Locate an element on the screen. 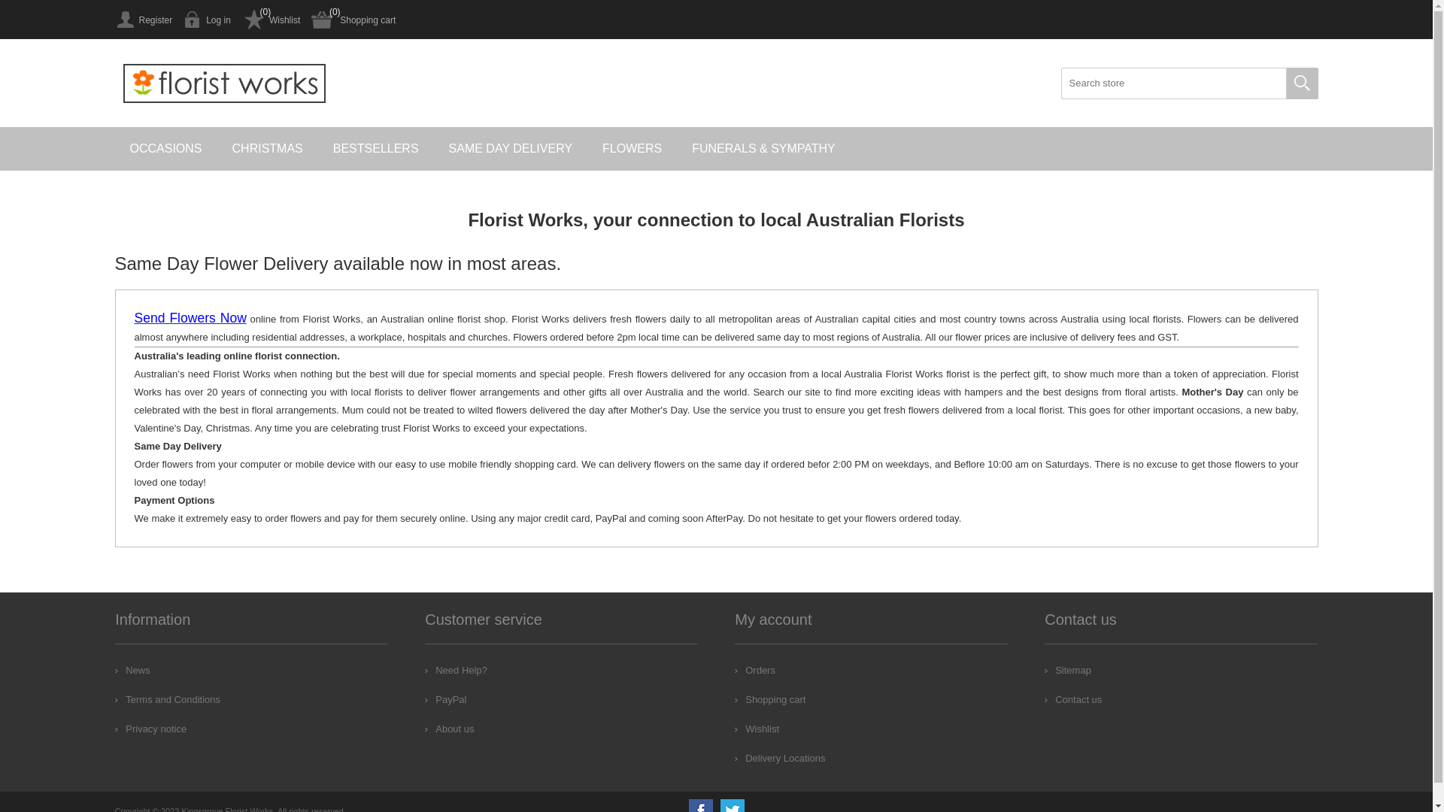 The width and height of the screenshot is (1444, 812). 'Orders' is located at coordinates (754, 669).